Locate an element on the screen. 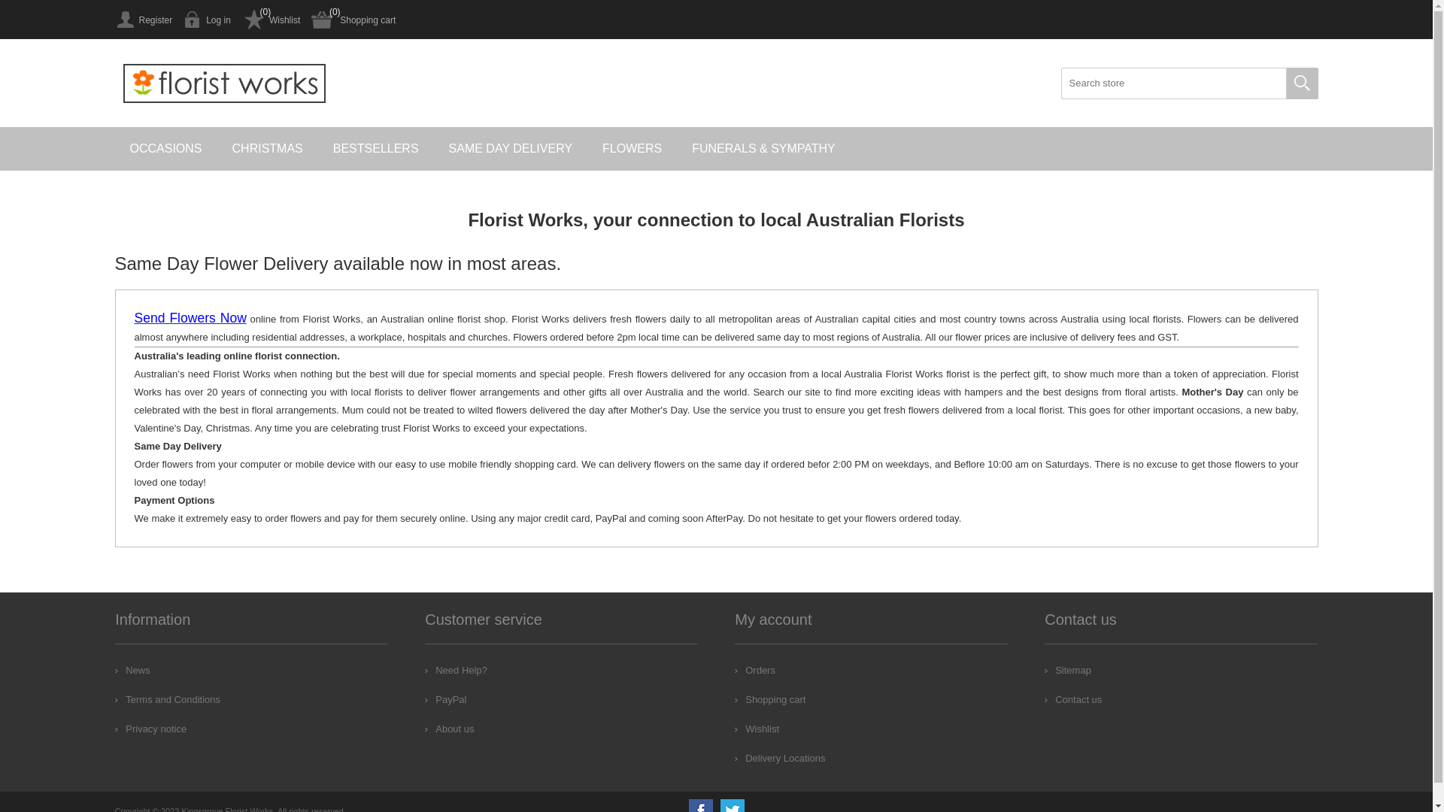 The width and height of the screenshot is (1444, 812). 'Orders' is located at coordinates (754, 669).